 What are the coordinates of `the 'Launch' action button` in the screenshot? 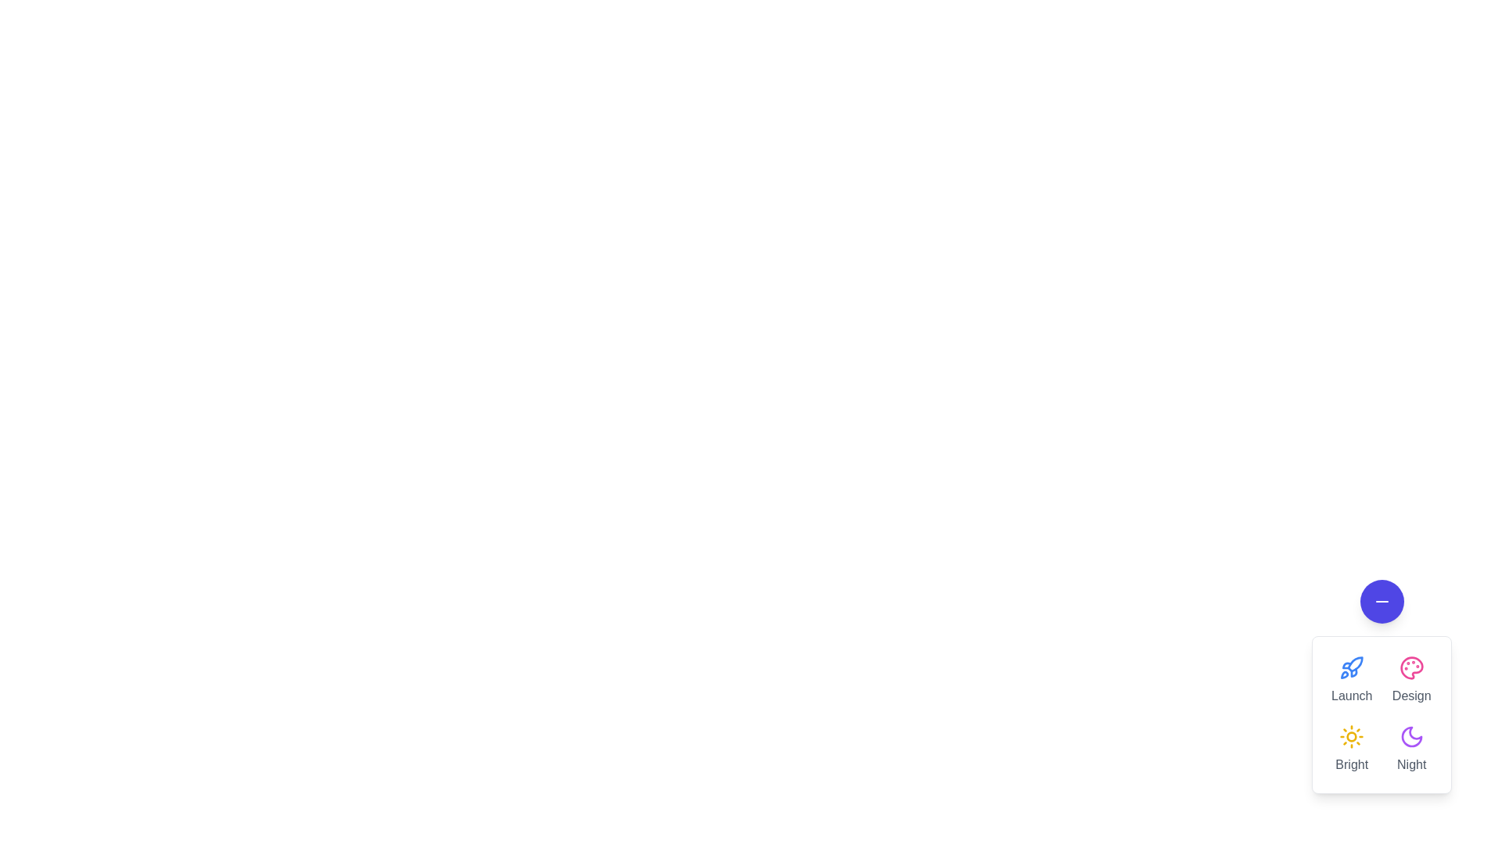 It's located at (1351, 680).